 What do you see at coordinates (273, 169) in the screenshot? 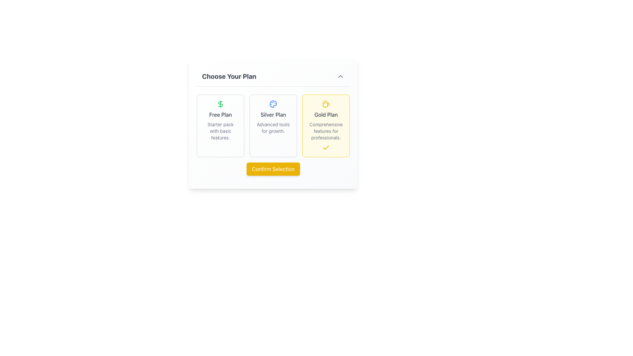
I see `the confirmation button located at the bottom-middle section of the 'Choose Your Plan' panel to confirm the selection of a subscription or plan` at bounding box center [273, 169].